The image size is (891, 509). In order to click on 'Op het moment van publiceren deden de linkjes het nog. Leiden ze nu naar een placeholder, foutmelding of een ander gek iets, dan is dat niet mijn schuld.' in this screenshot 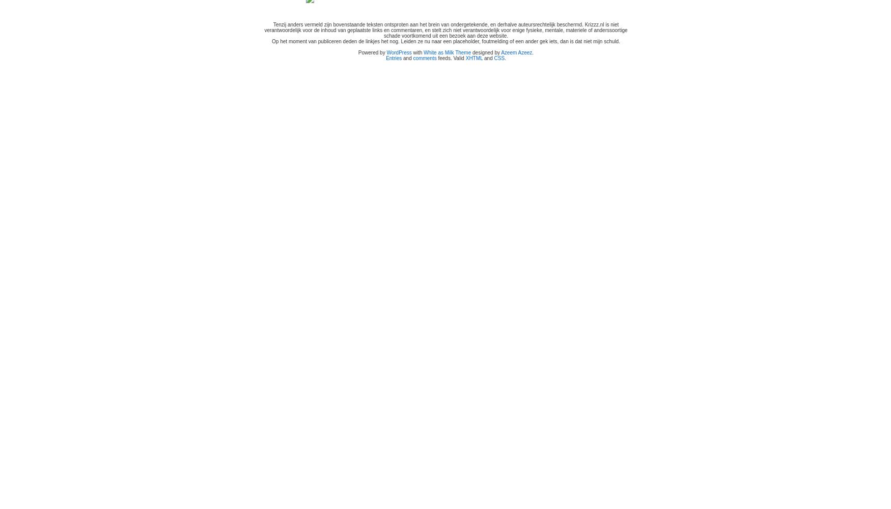, I will do `click(445, 41)`.